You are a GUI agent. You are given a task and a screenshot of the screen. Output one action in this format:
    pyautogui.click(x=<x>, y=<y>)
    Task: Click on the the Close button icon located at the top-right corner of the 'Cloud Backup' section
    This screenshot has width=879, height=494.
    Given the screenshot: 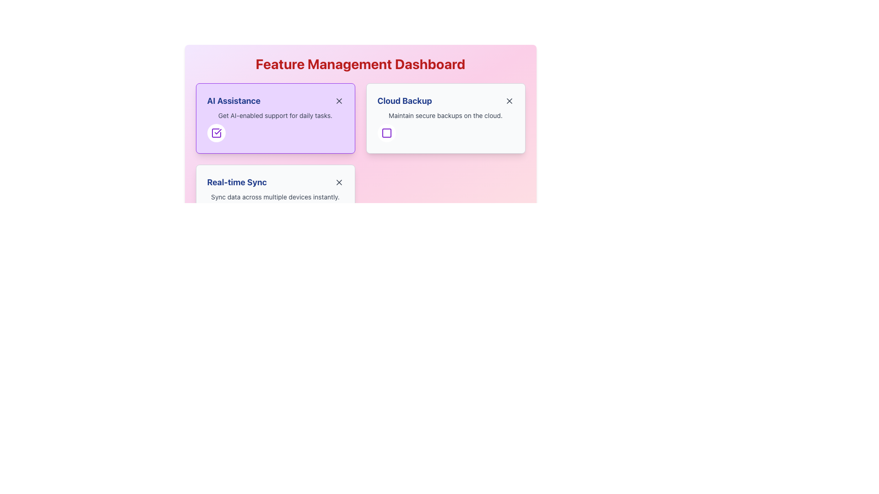 What is the action you would take?
    pyautogui.click(x=509, y=101)
    